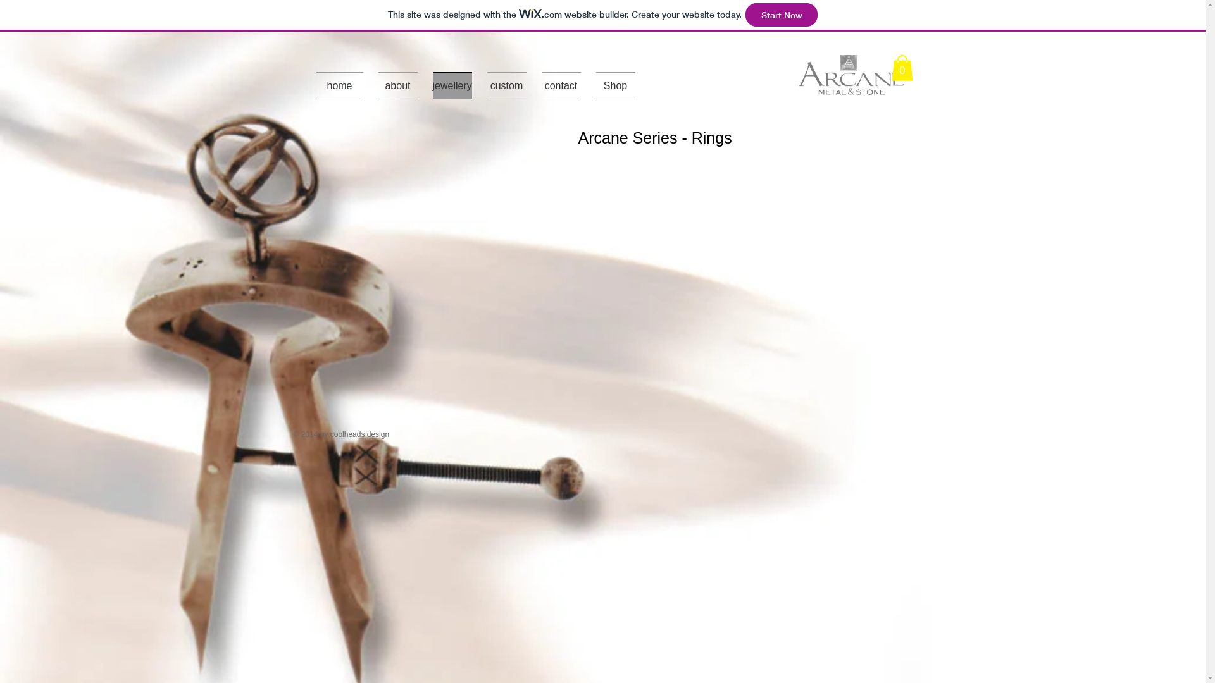  I want to click on '0', so click(901, 68).